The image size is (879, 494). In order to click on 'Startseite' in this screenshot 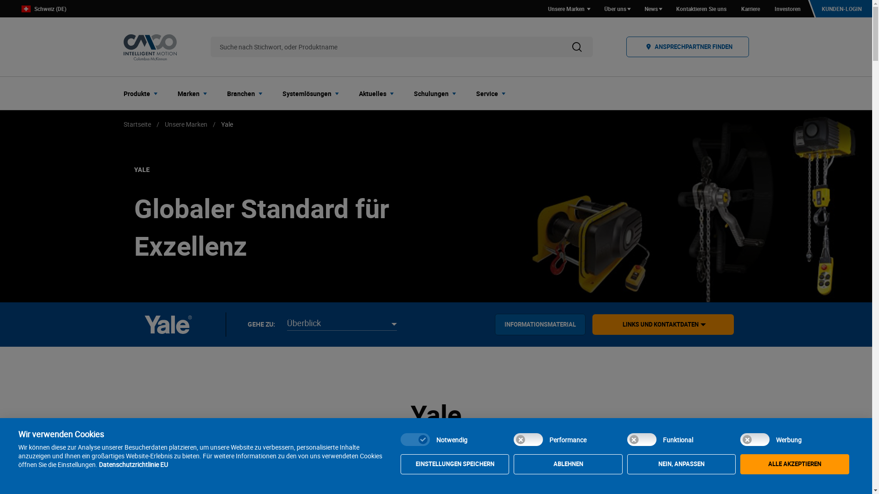, I will do `click(136, 124)`.